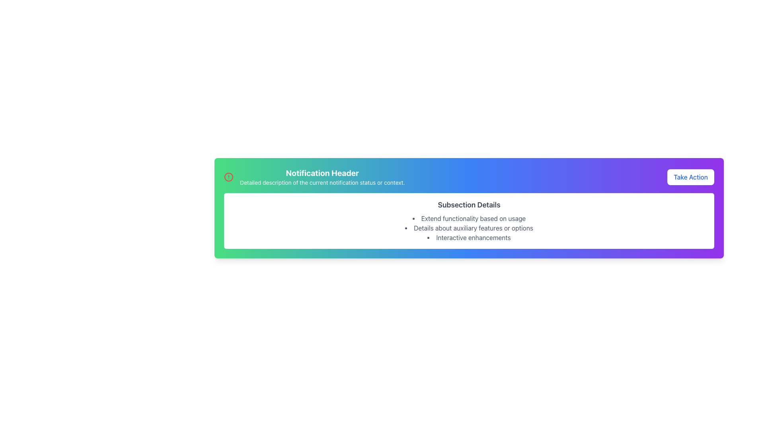  Describe the element at coordinates (690, 176) in the screenshot. I see `the 'Take Action' button with blue text and a white background` at that location.